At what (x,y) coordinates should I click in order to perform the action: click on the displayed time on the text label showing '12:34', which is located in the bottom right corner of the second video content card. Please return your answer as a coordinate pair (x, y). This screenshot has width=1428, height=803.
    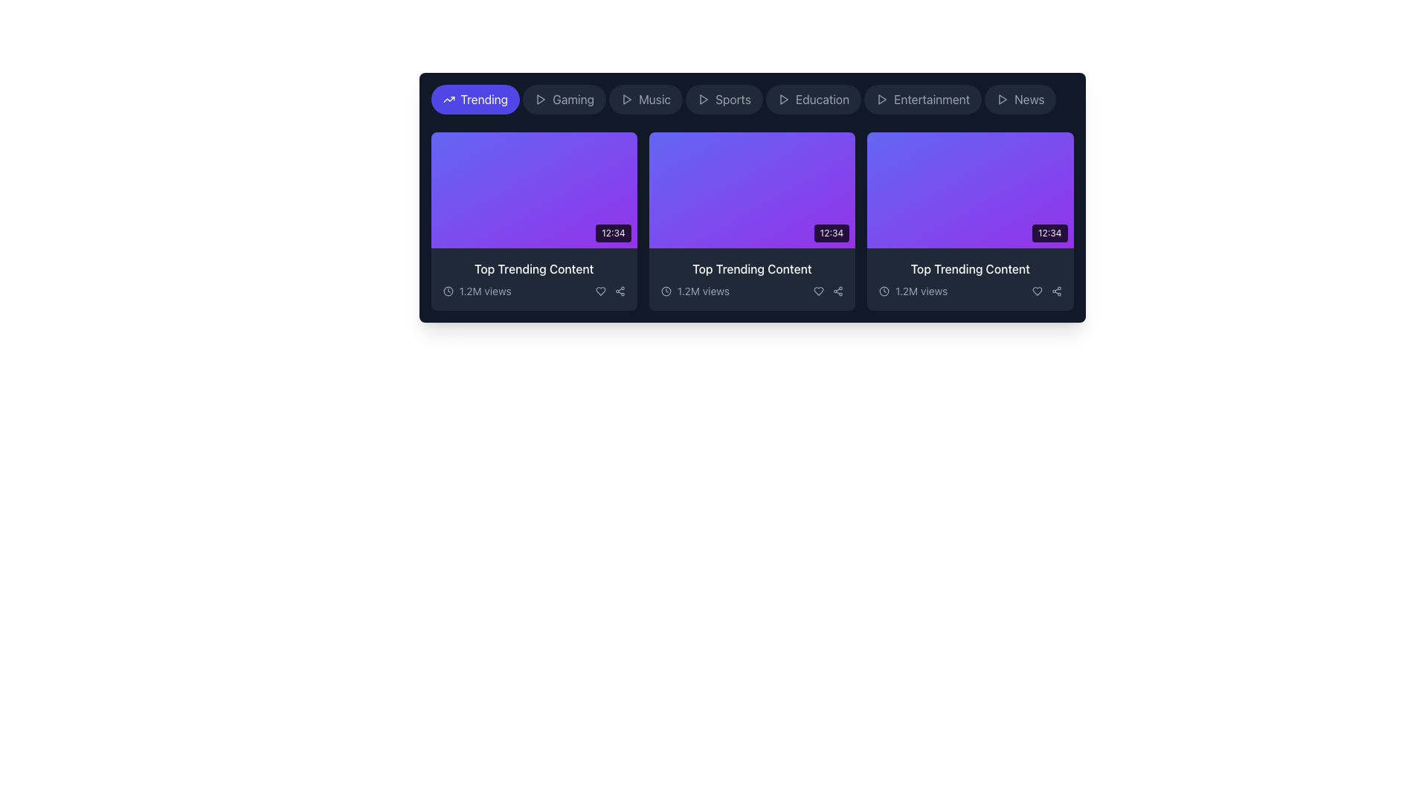
    Looking at the image, I should click on (831, 233).